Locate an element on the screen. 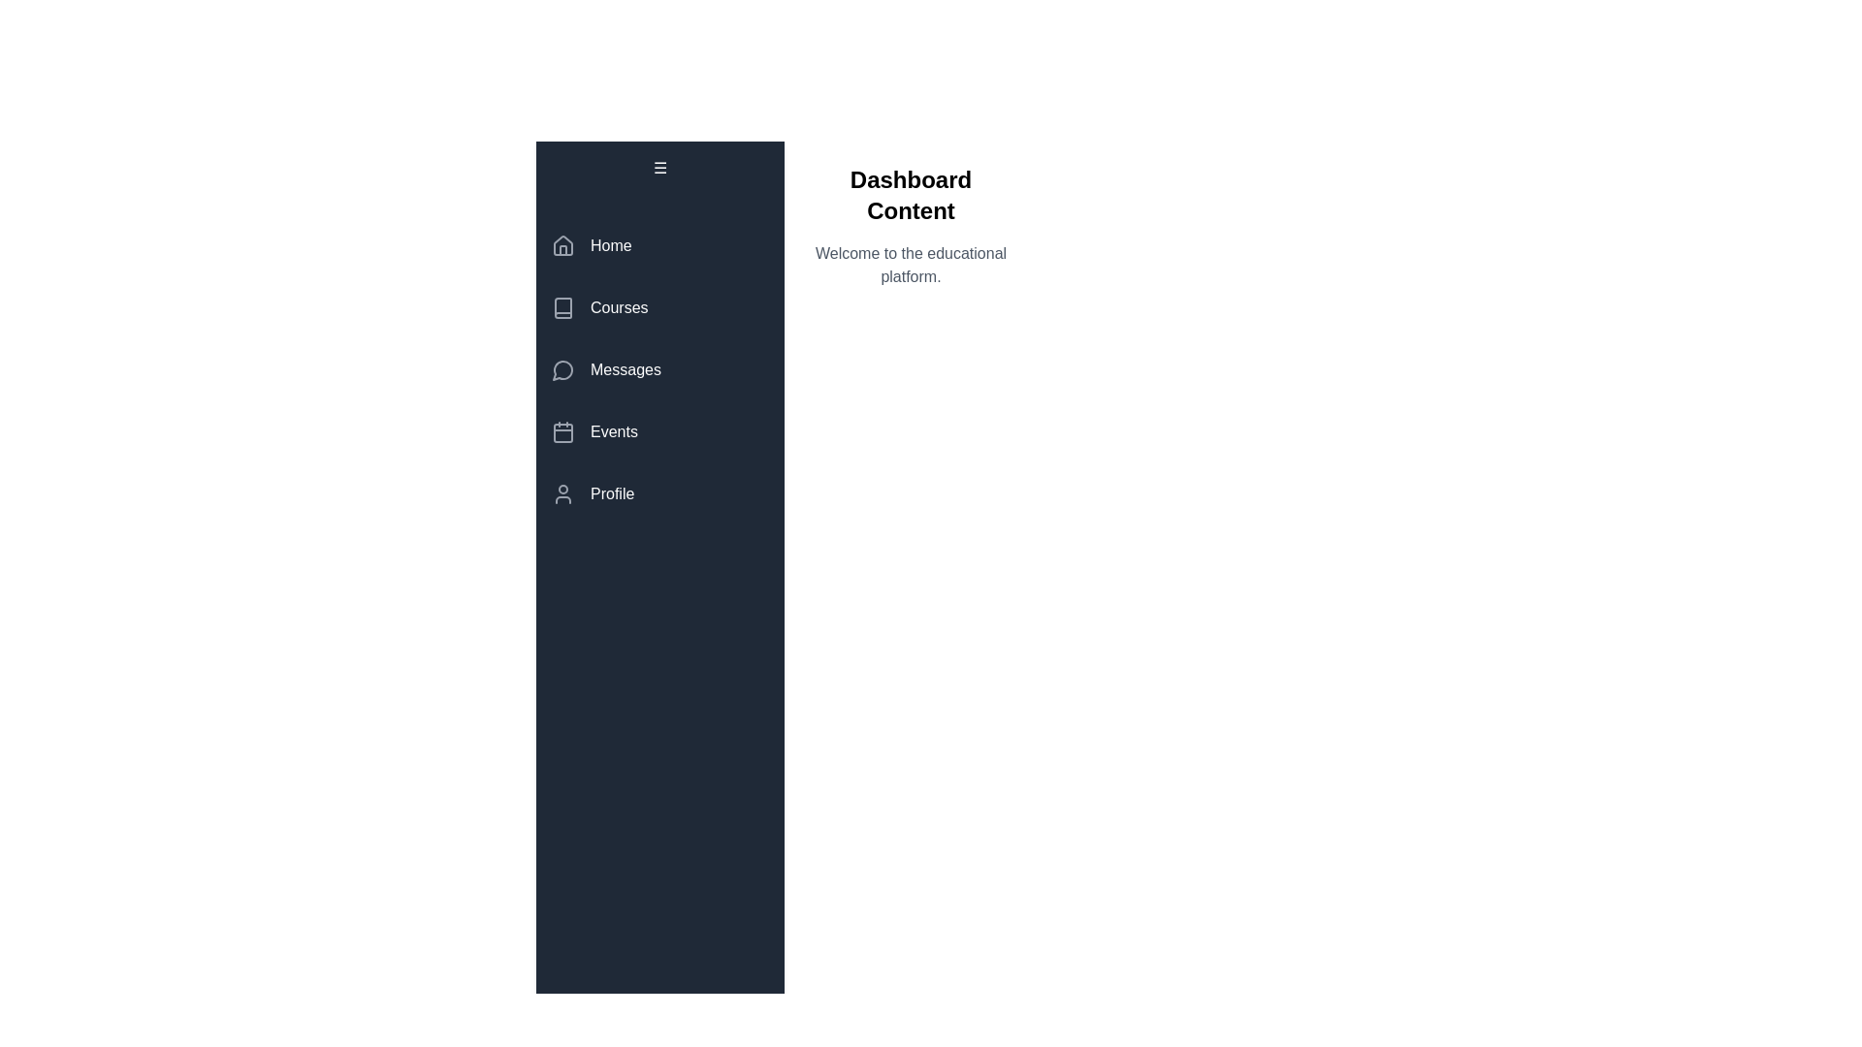  hamburger menu button to toggle the menu state is located at coordinates (660, 167).